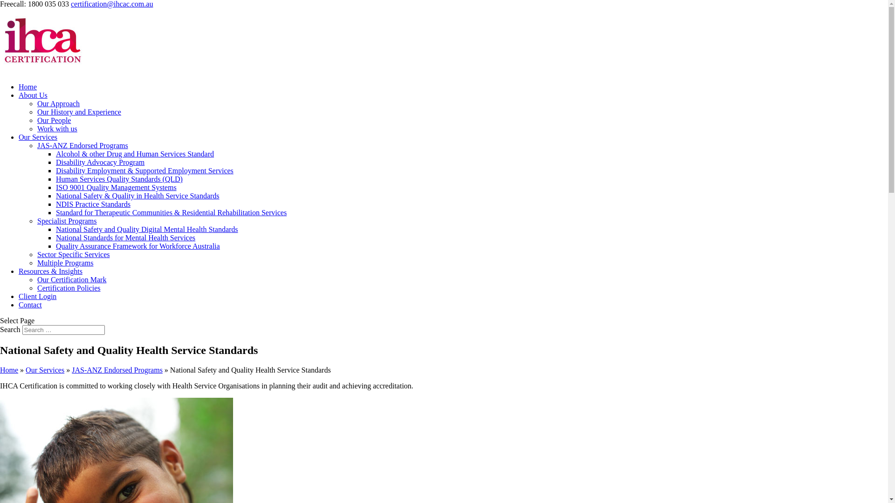  What do you see at coordinates (37, 296) in the screenshot?
I see `'Client Login'` at bounding box center [37, 296].